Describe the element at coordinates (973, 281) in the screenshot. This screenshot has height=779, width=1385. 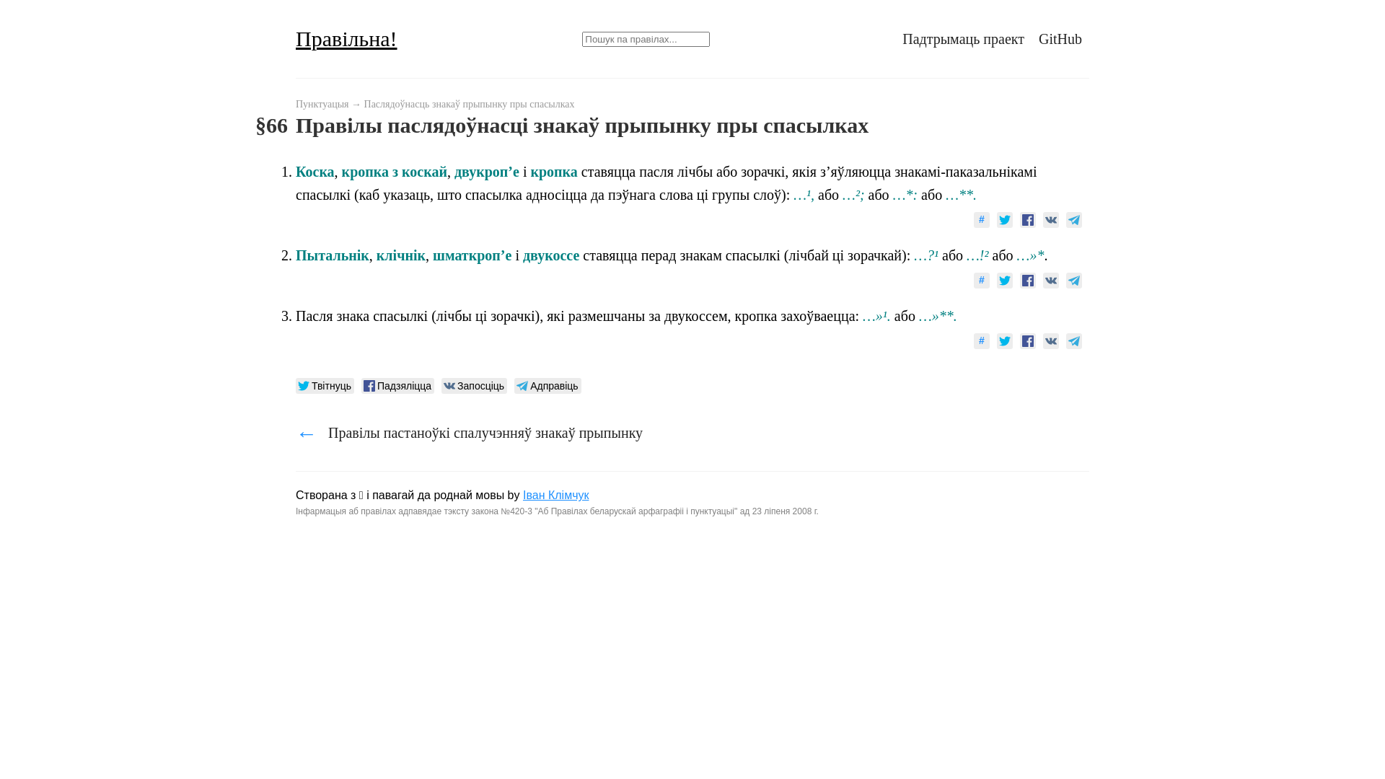
I see `'#'` at that location.